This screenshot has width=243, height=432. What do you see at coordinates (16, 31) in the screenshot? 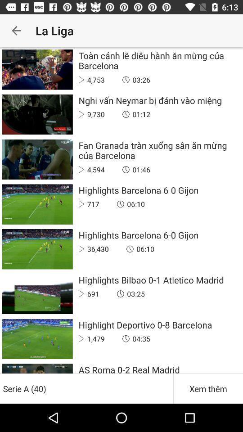
I see `app next to the la liga` at bounding box center [16, 31].